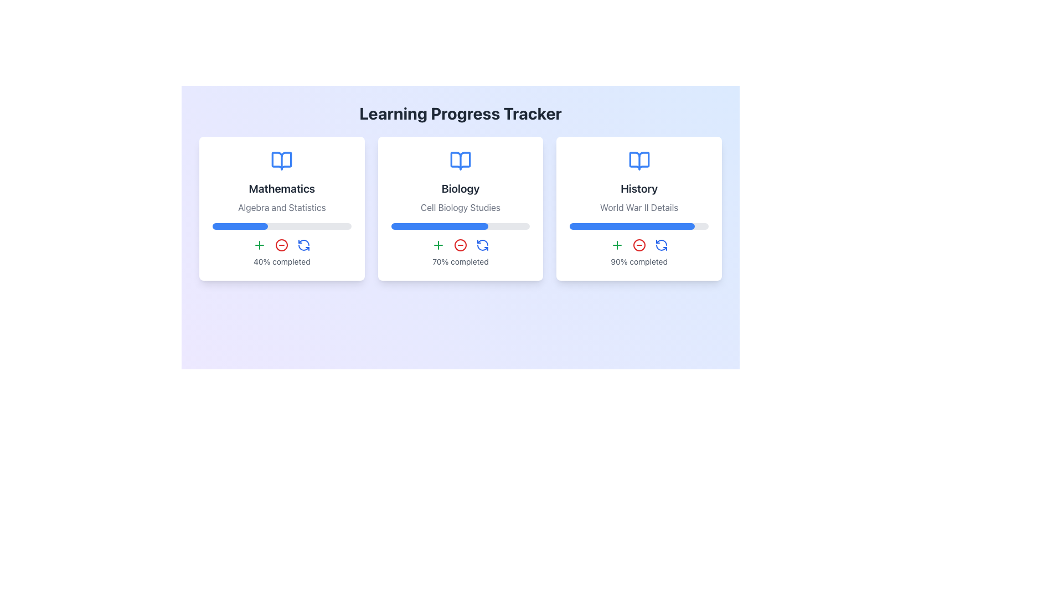 The width and height of the screenshot is (1063, 598). Describe the element at coordinates (282, 207) in the screenshot. I see `the descriptive subtitle text label located below the bold heading labeled 'Mathematics' in the first card of three horizontally aligned cards` at that location.